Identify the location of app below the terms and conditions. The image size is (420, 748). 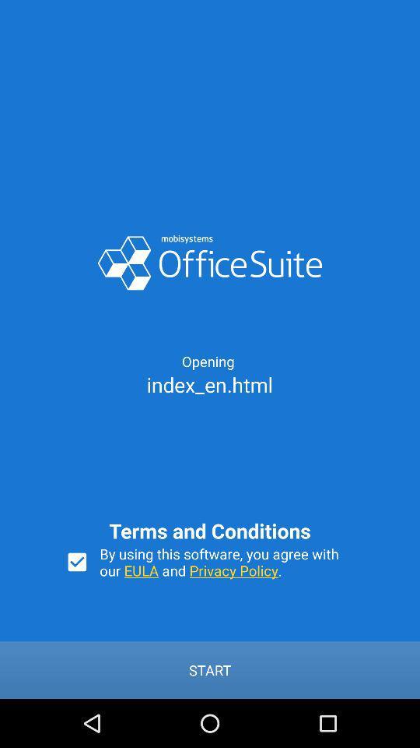
(226, 561).